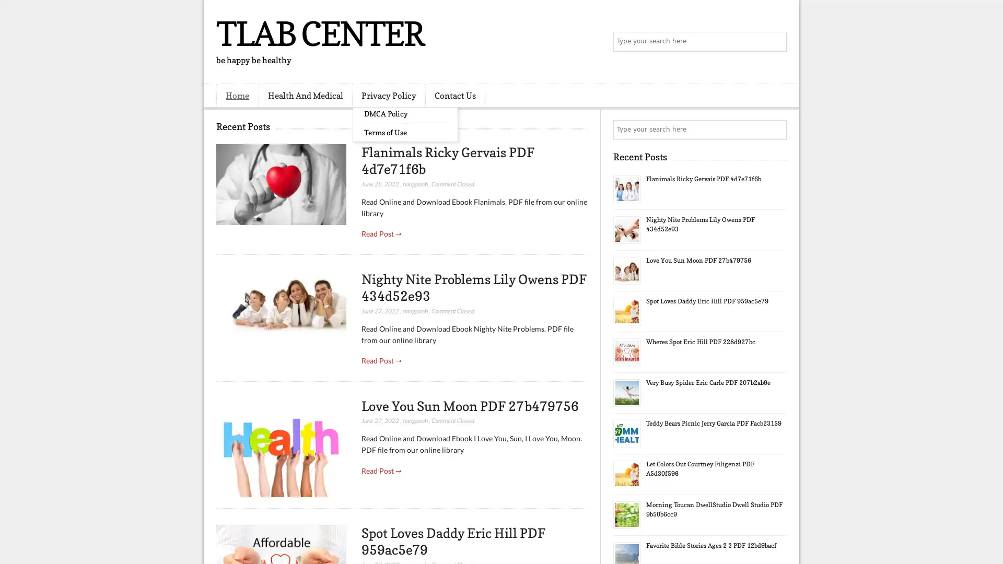 The height and width of the screenshot is (564, 1003). I want to click on Search, so click(776, 42).